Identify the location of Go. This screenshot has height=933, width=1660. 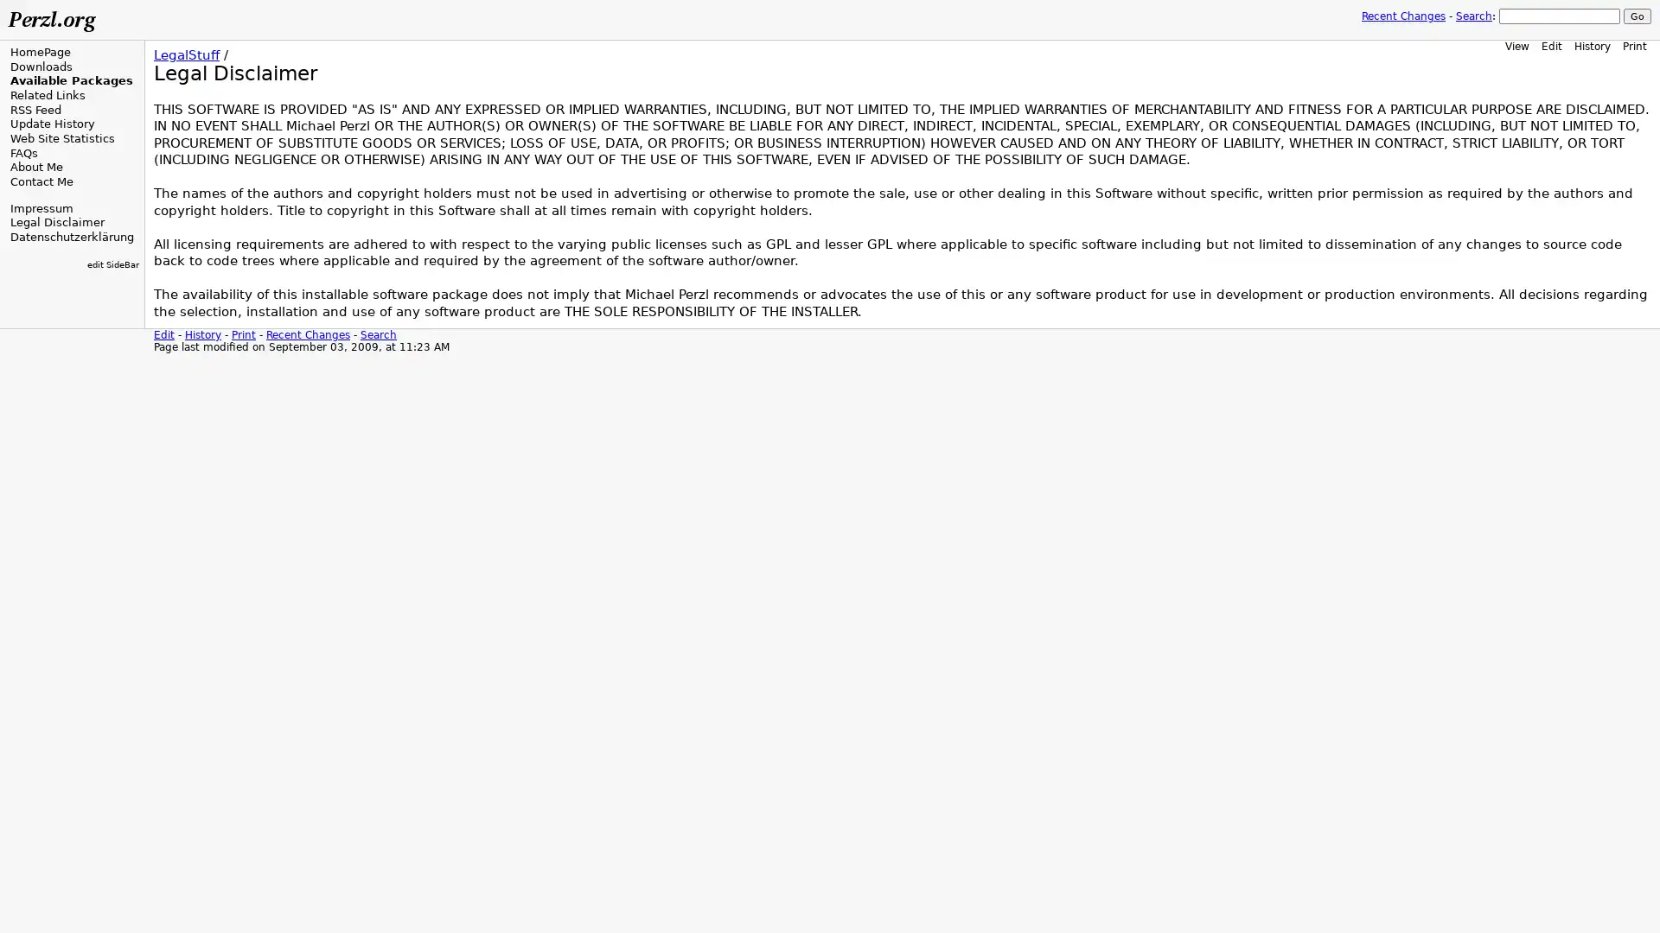
(1637, 16).